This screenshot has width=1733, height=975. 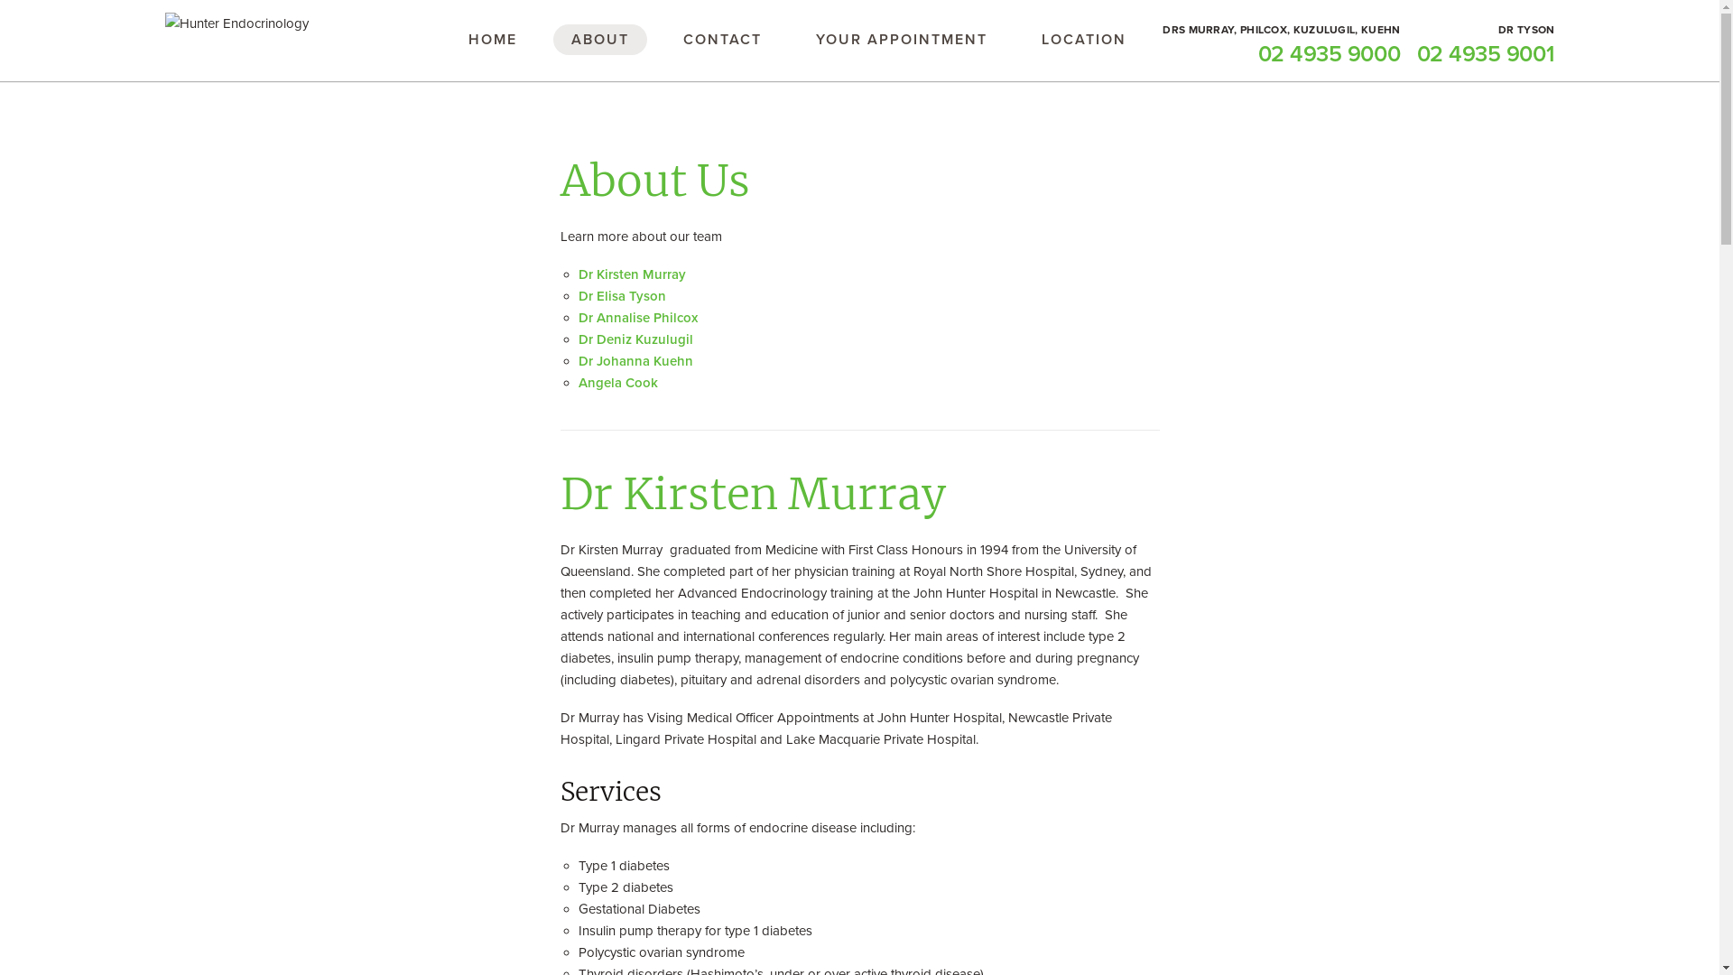 What do you see at coordinates (1083, 39) in the screenshot?
I see `'LOCATION'` at bounding box center [1083, 39].